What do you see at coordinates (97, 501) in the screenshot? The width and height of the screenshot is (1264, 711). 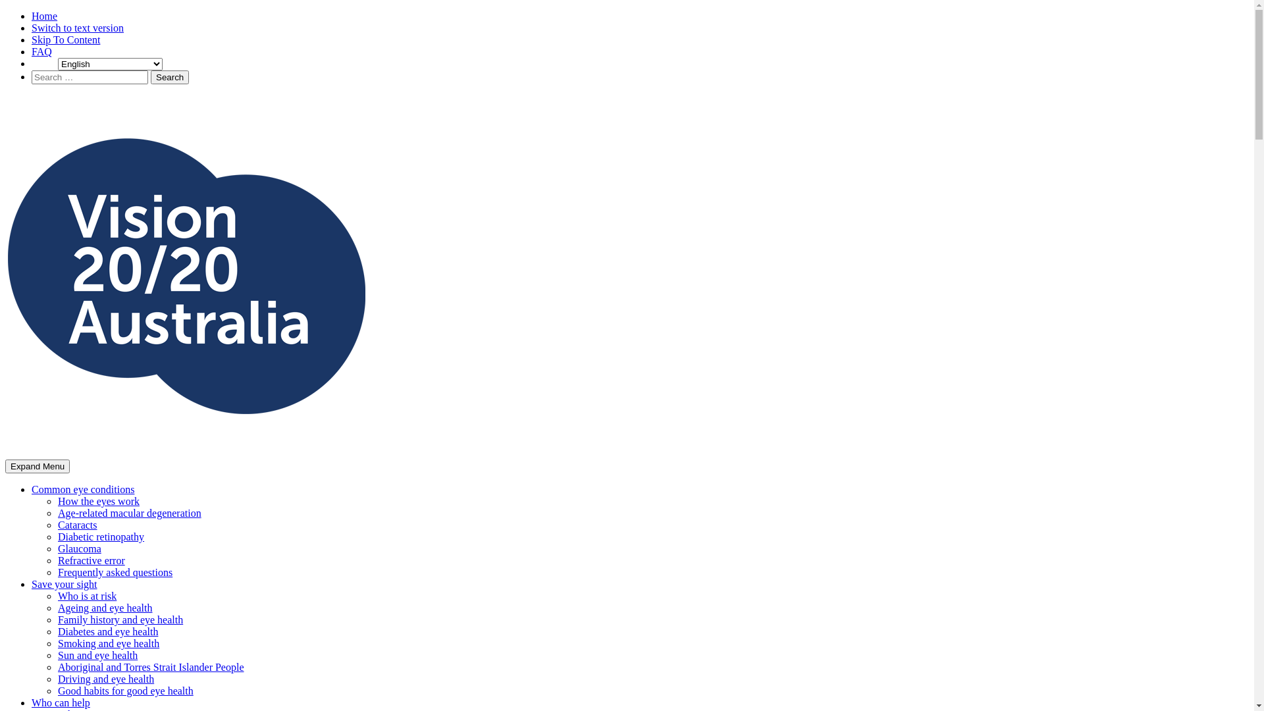 I see `'How the eyes work'` at bounding box center [97, 501].